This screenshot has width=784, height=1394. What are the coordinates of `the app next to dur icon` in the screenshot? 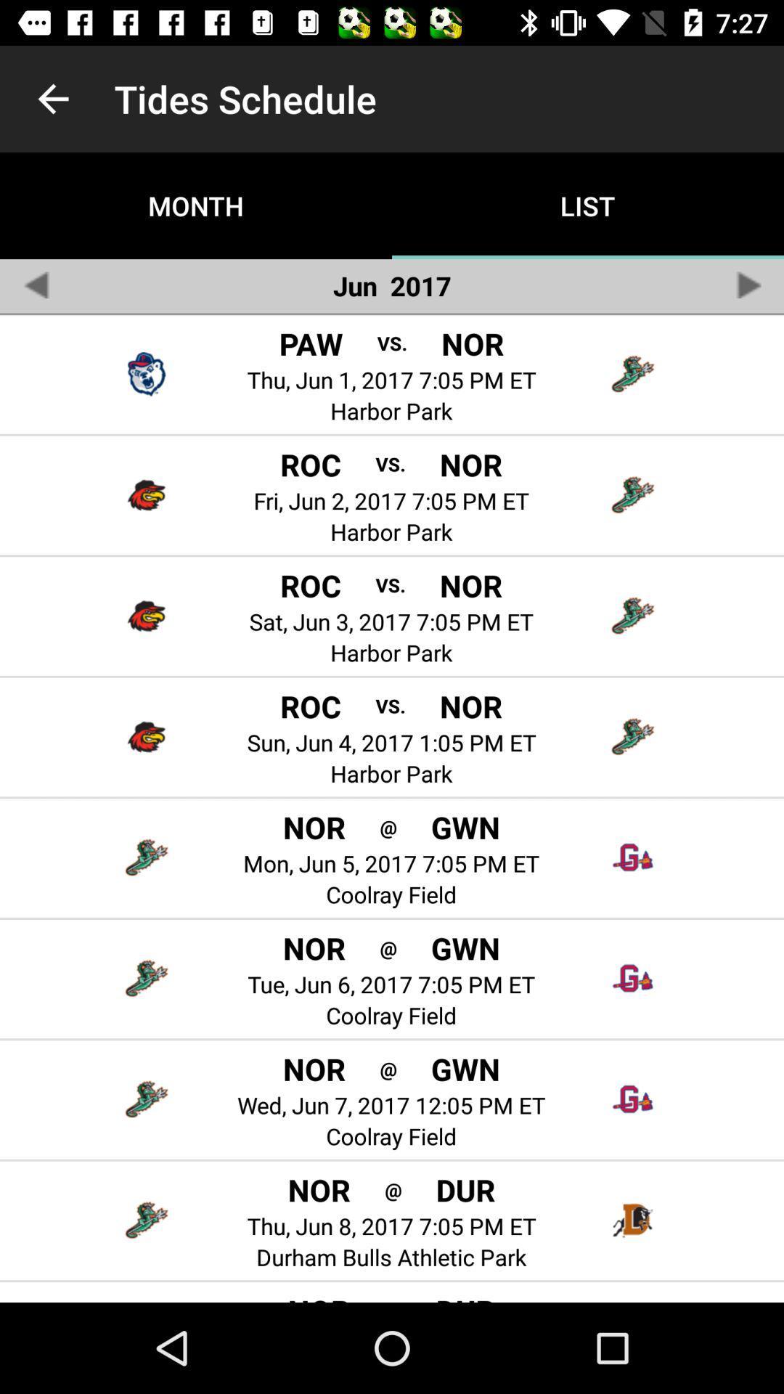 It's located at (393, 1300).